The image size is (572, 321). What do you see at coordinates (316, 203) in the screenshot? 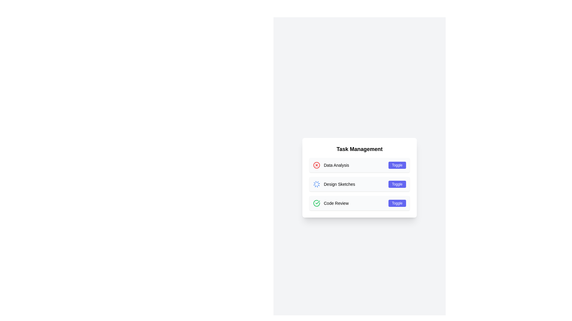
I see `the green circular icon with a white checkmark that indicates a completed task, located to the left of the text 'Code Review' in the third row of the task list box labeled 'Task Management'` at bounding box center [316, 203].